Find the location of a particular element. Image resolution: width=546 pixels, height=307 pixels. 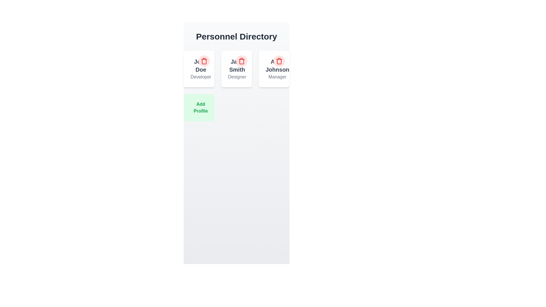

the red trash can icon button located at the top-right corner of Jane Smith's user card to initiate a delete action is located at coordinates (241, 61).